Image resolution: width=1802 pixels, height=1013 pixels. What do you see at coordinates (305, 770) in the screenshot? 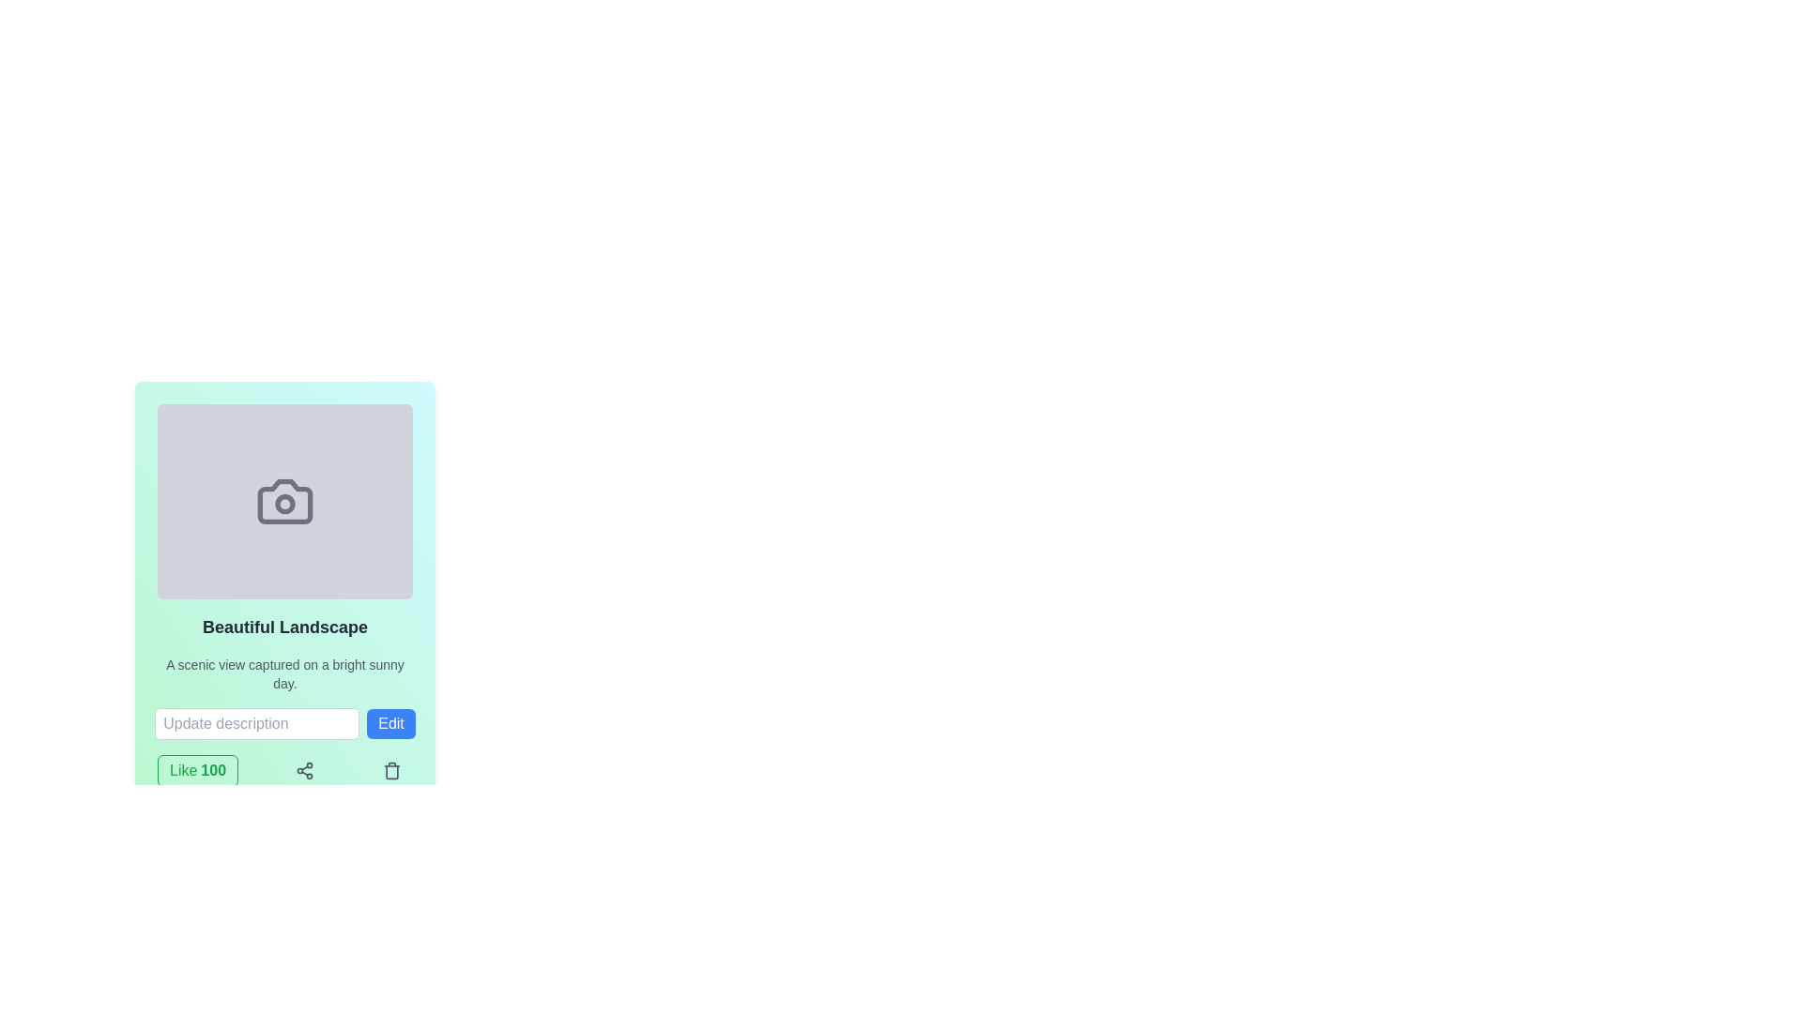
I see `the centrally located 'Share' icon button within the card layout` at bounding box center [305, 770].